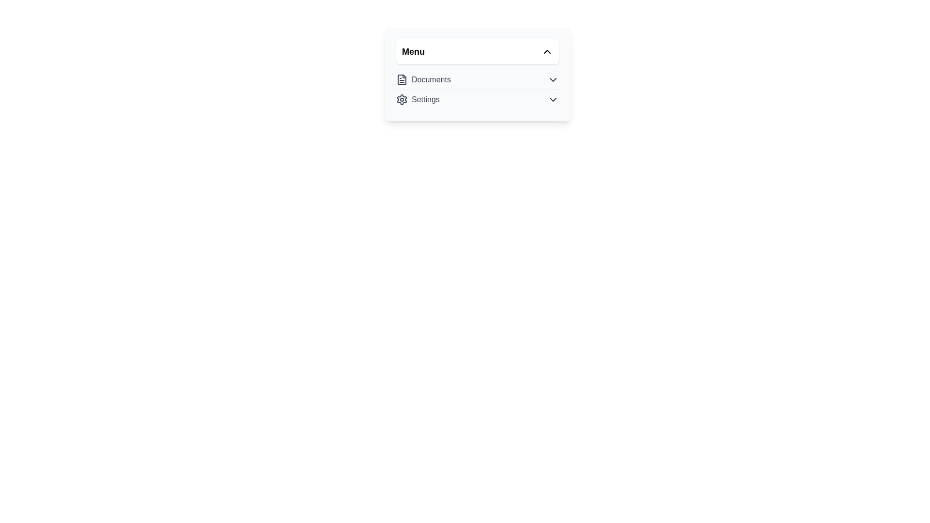 The height and width of the screenshot is (523, 930). What do you see at coordinates (553, 99) in the screenshot?
I see `the downward-pointing chevron icon next to the 'Settings' text` at bounding box center [553, 99].